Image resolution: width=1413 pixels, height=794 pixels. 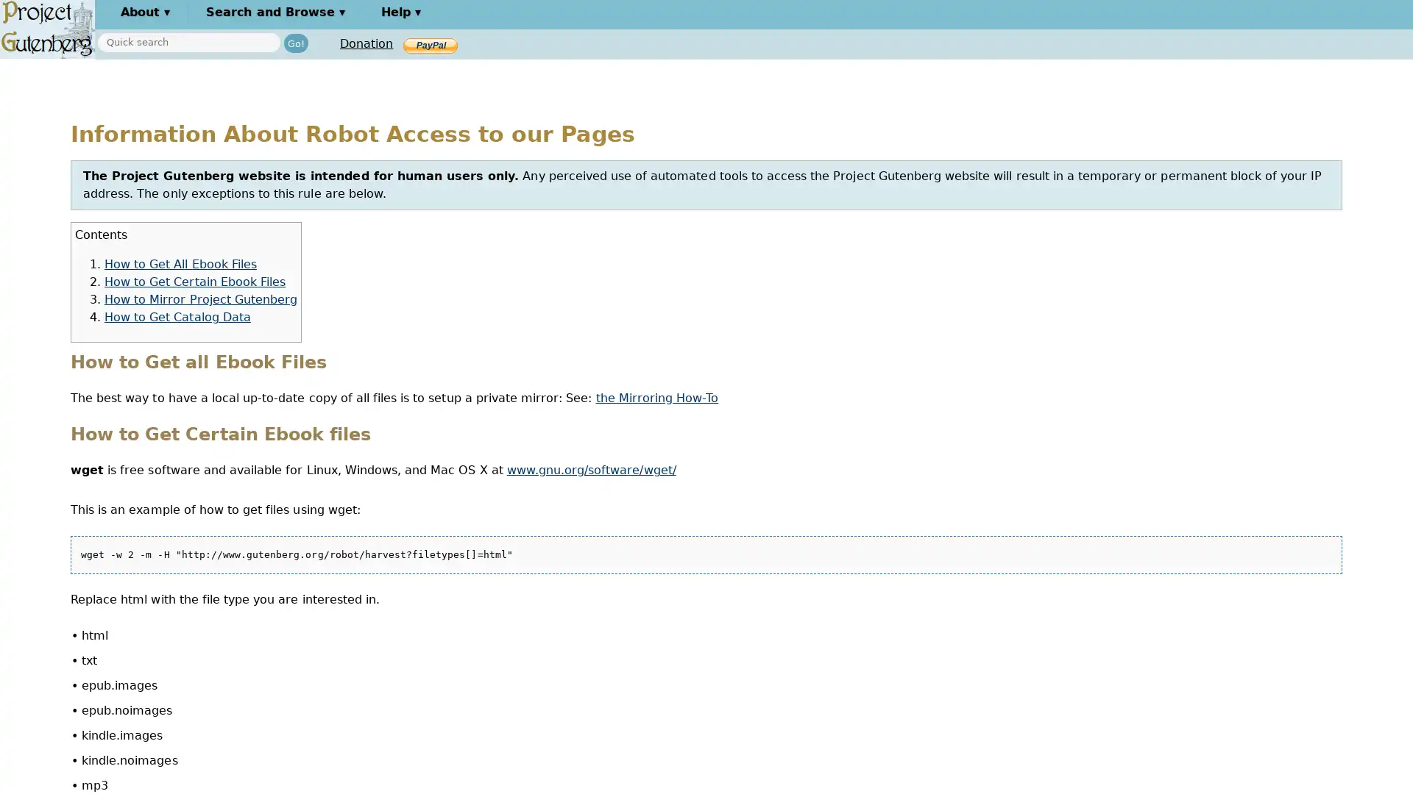 What do you see at coordinates (295, 42) in the screenshot?
I see `Go!` at bounding box center [295, 42].